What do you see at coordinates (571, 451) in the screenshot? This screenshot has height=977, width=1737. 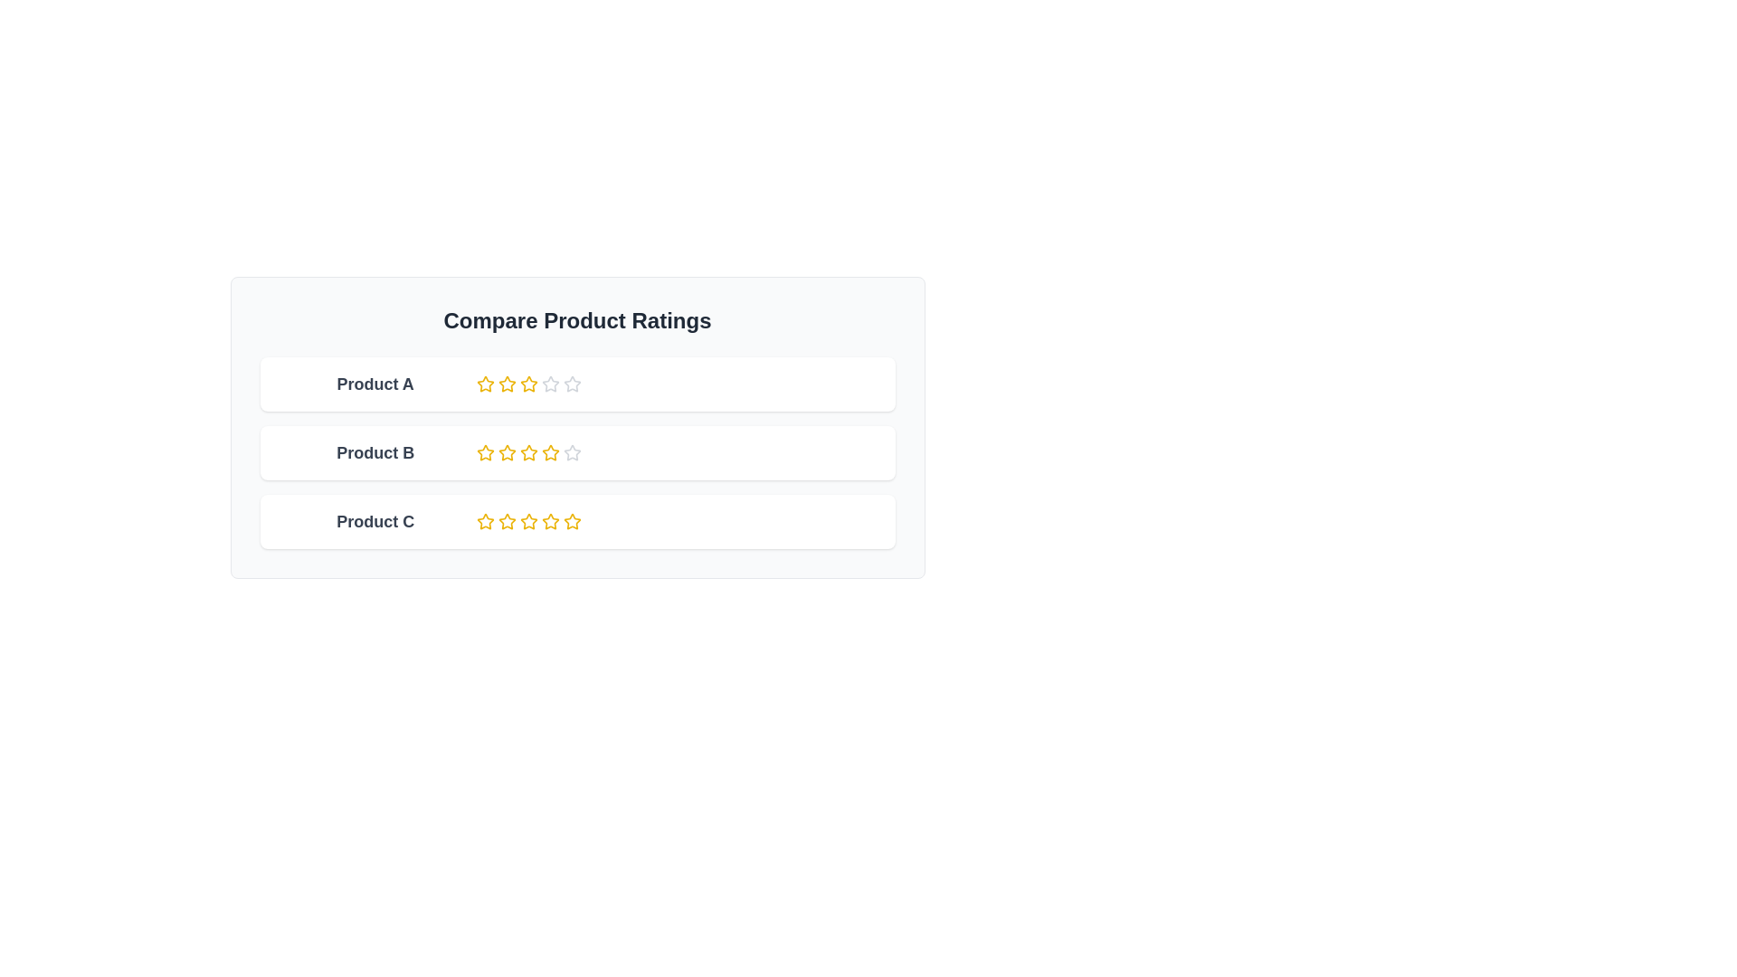 I see `the third star-shaped icon in the rating component for 'Product B'` at bounding box center [571, 451].